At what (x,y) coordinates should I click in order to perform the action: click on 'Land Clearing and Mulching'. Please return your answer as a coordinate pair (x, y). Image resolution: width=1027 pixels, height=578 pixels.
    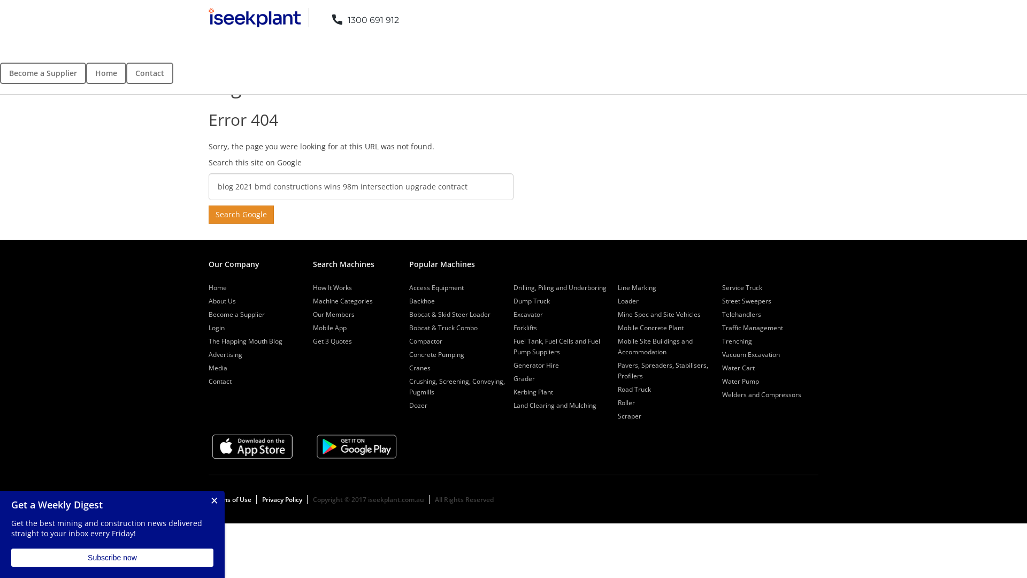
    Looking at the image, I should click on (555, 405).